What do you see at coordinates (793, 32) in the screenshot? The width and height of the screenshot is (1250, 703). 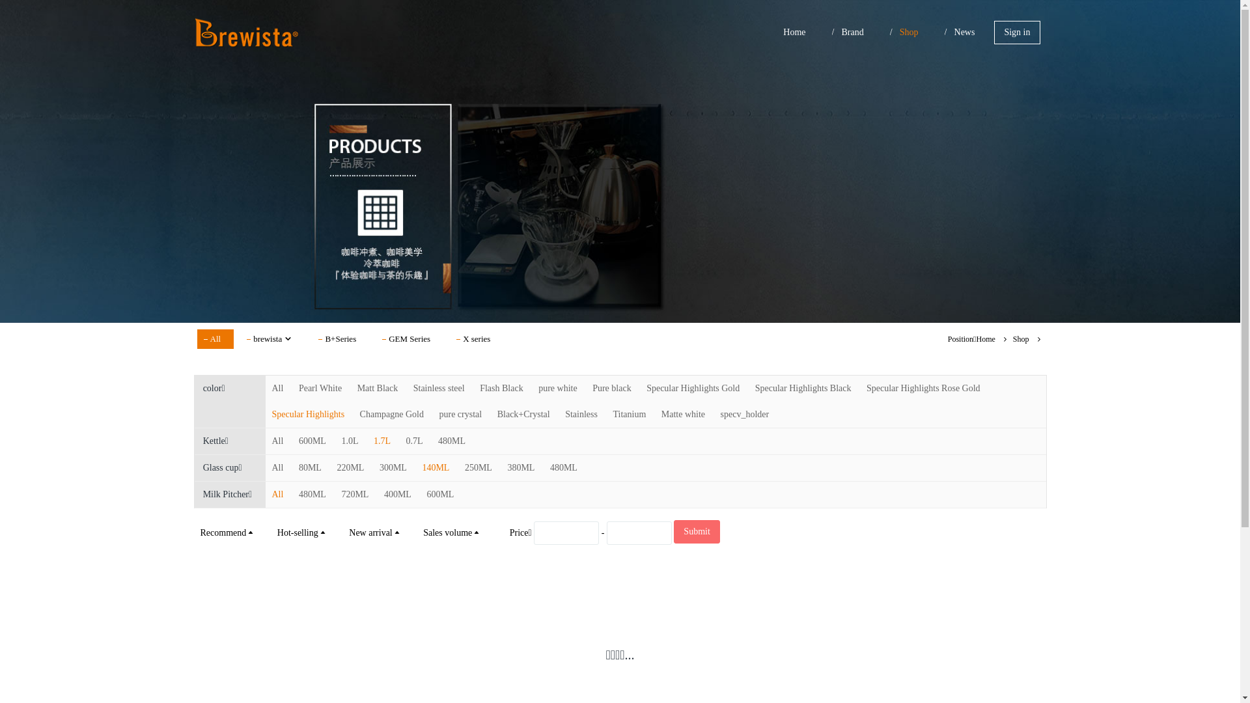 I see `'Home'` at bounding box center [793, 32].